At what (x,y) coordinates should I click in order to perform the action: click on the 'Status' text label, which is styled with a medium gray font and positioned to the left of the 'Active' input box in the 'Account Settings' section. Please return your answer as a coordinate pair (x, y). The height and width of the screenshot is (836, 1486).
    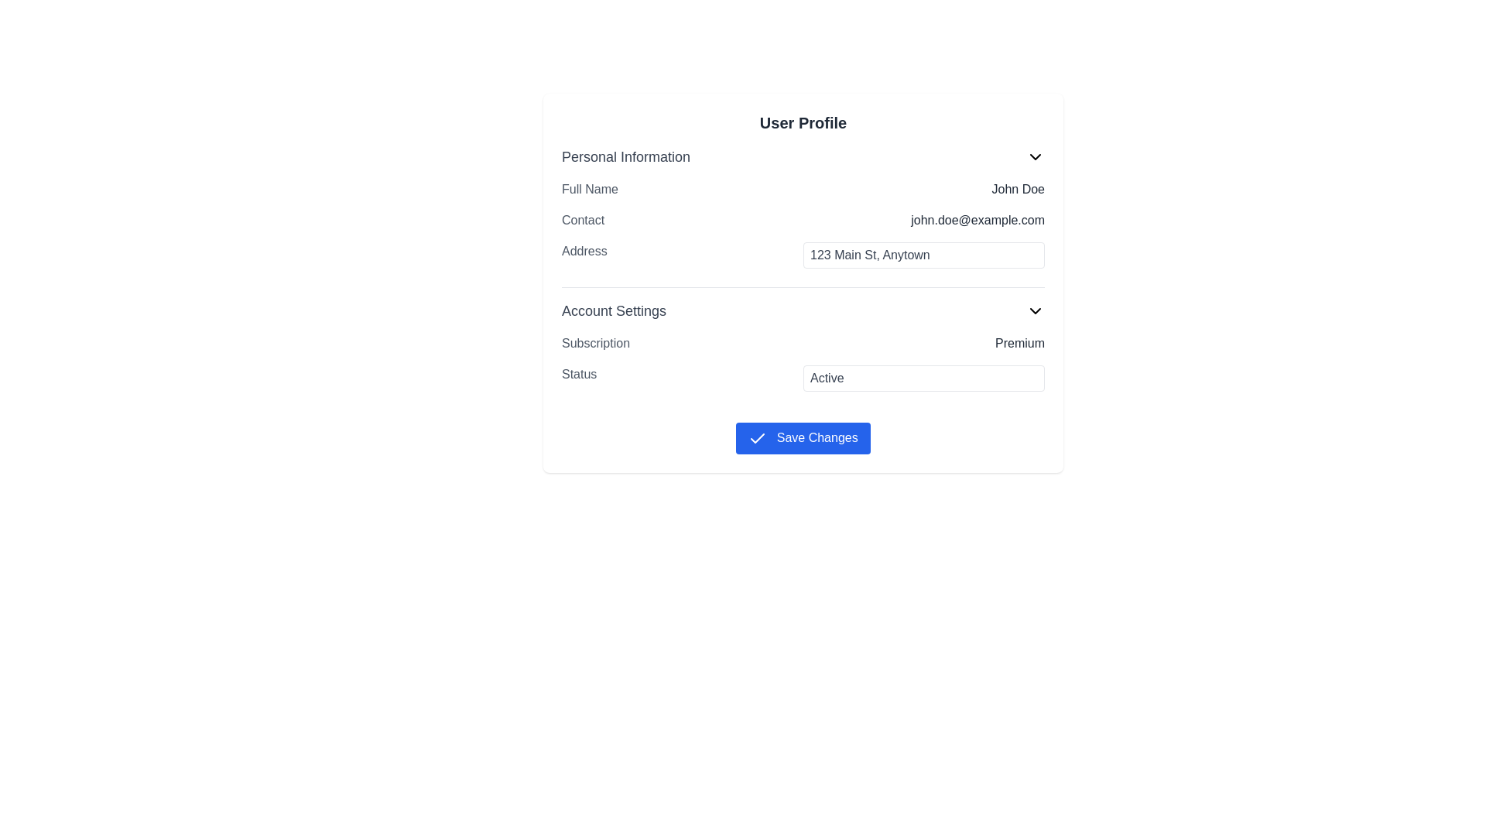
    Looking at the image, I should click on (578, 379).